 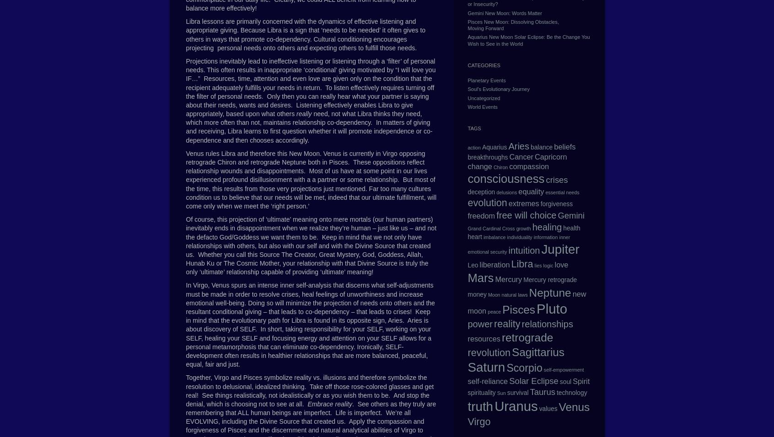 What do you see at coordinates (467, 381) in the screenshot?
I see `'self-reliance'` at bounding box center [467, 381].